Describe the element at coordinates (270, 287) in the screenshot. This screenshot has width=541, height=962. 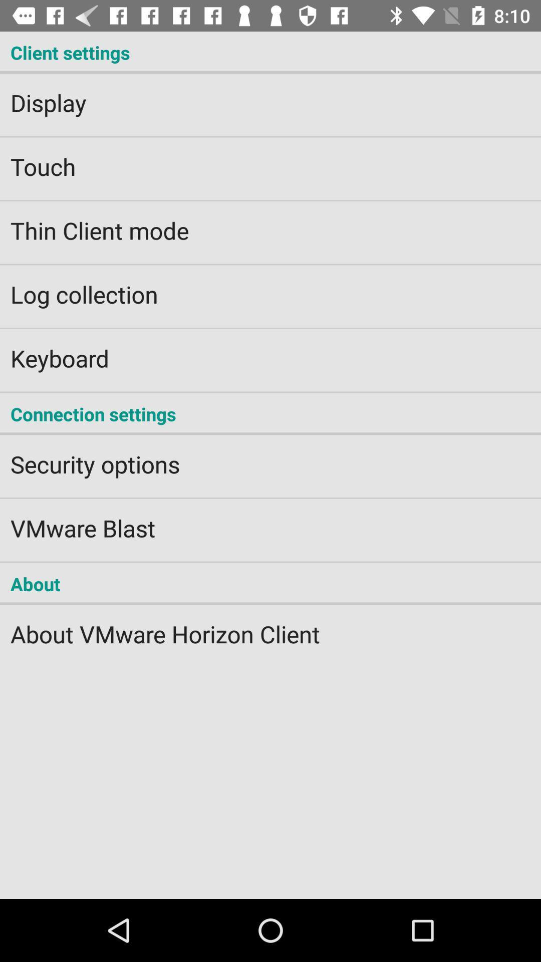
I see `the log collection app` at that location.